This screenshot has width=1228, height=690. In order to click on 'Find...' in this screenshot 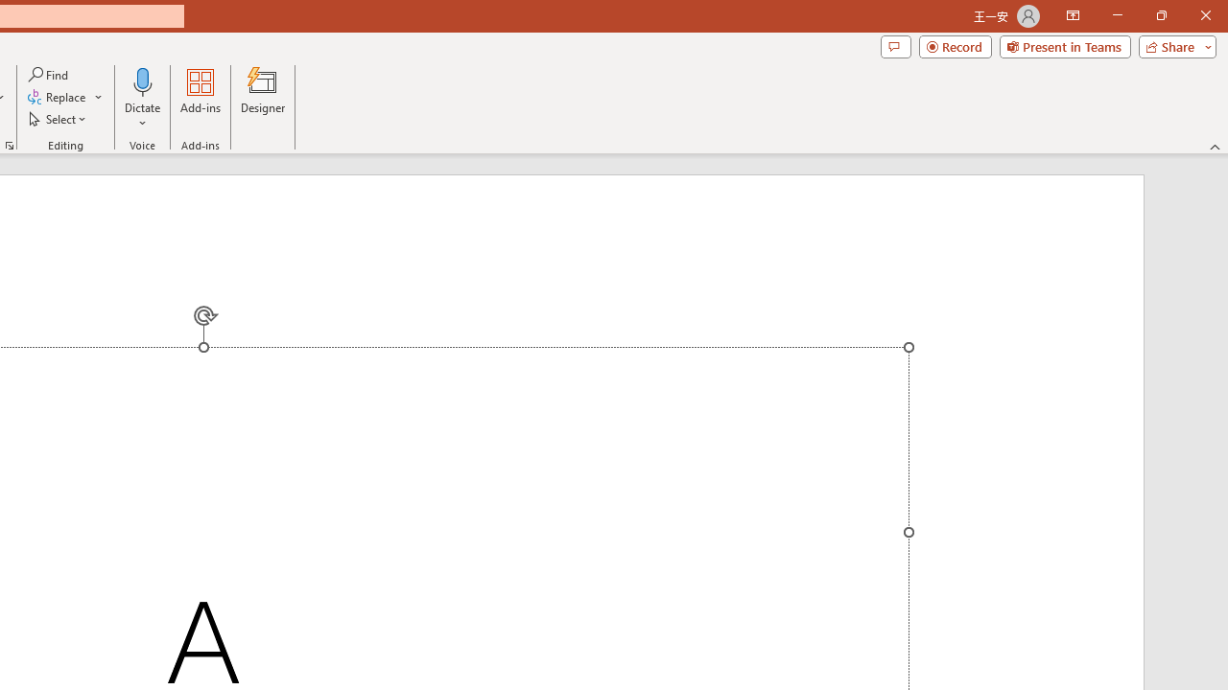, I will do `click(49, 74)`.